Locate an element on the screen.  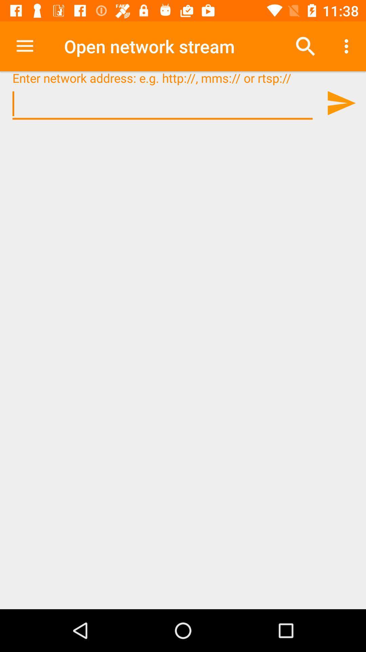
send page is located at coordinates (341, 103).